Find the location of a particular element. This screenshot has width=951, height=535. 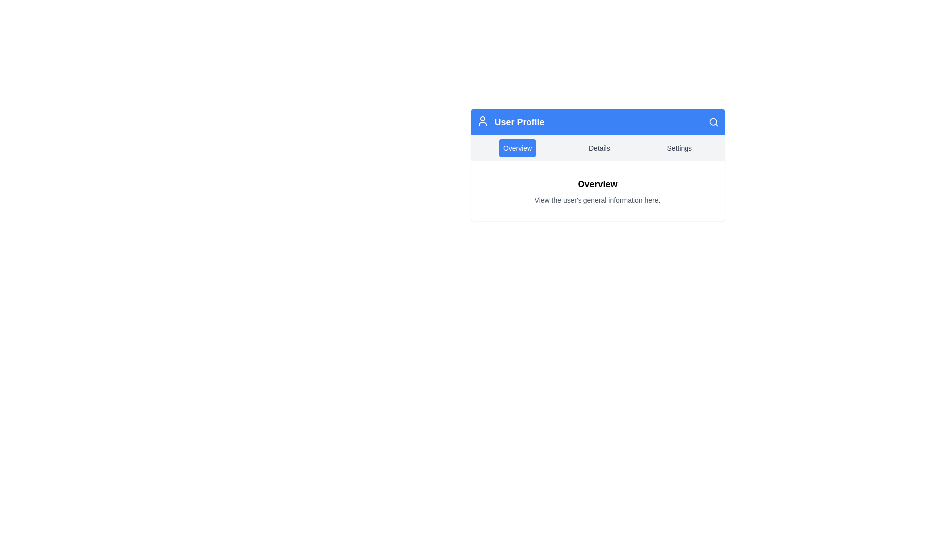

the title text indicating the user profile section, located between the user profile icon and the search icon at the top-center of the page is located at coordinates (519, 121).